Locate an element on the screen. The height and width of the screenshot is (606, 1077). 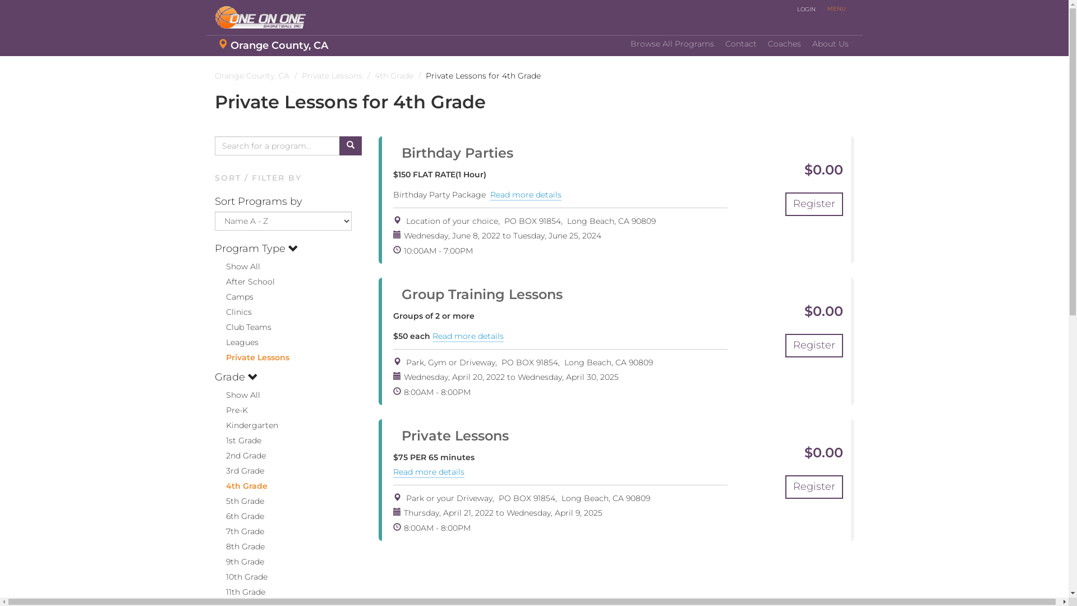
'1st Grade' is located at coordinates (237, 440).